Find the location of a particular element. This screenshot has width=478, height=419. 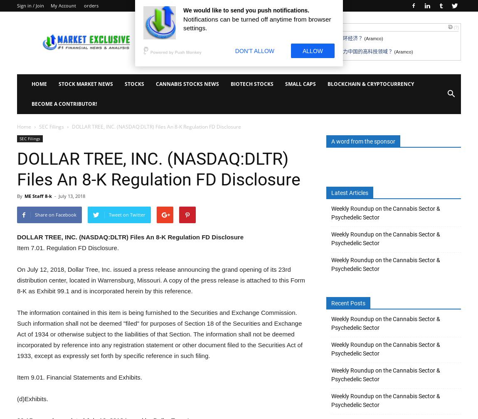

'July 13, 2018' is located at coordinates (71, 196).